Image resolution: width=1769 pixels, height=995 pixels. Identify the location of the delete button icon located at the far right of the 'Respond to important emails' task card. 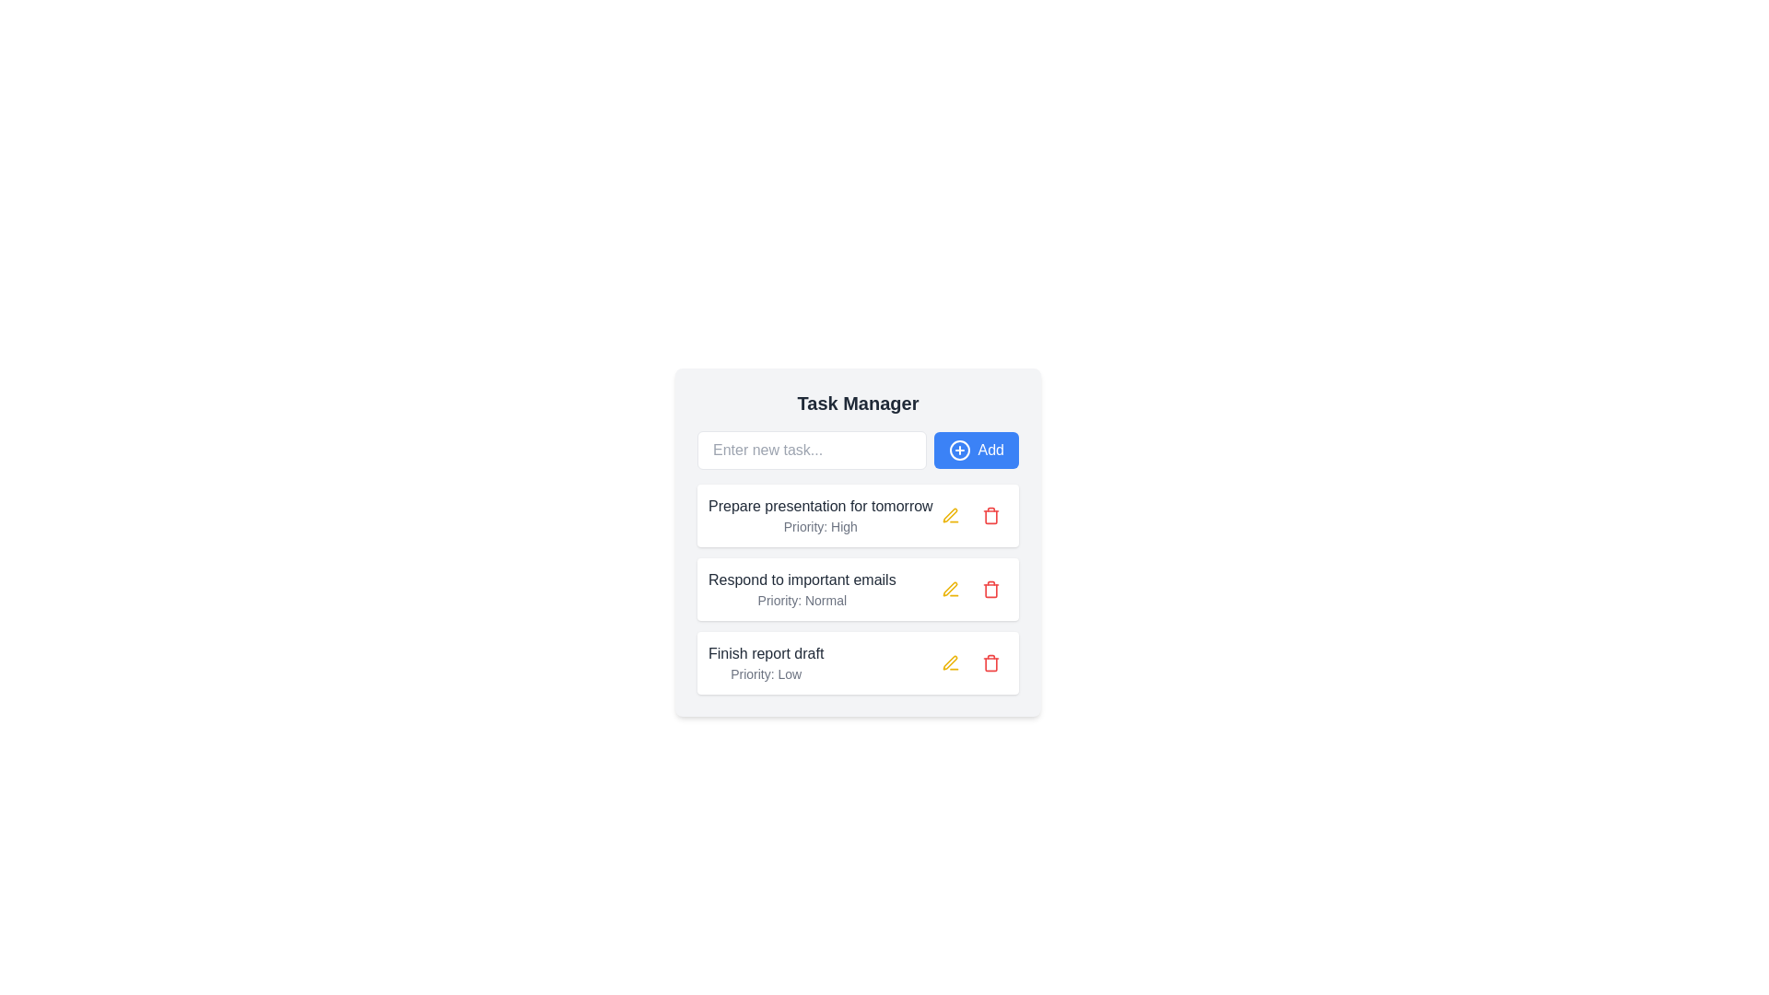
(990, 663).